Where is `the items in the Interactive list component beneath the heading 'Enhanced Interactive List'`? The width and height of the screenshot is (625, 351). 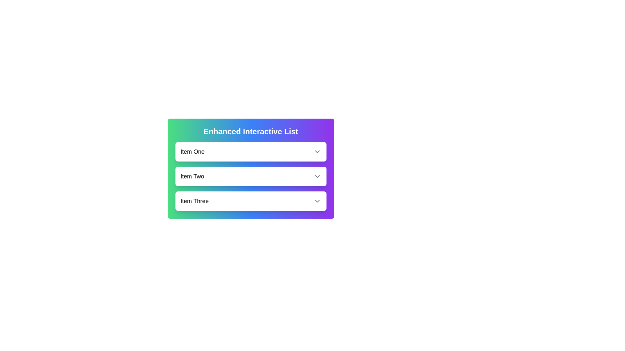 the items in the Interactive list component beneath the heading 'Enhanced Interactive List' is located at coordinates (250, 168).